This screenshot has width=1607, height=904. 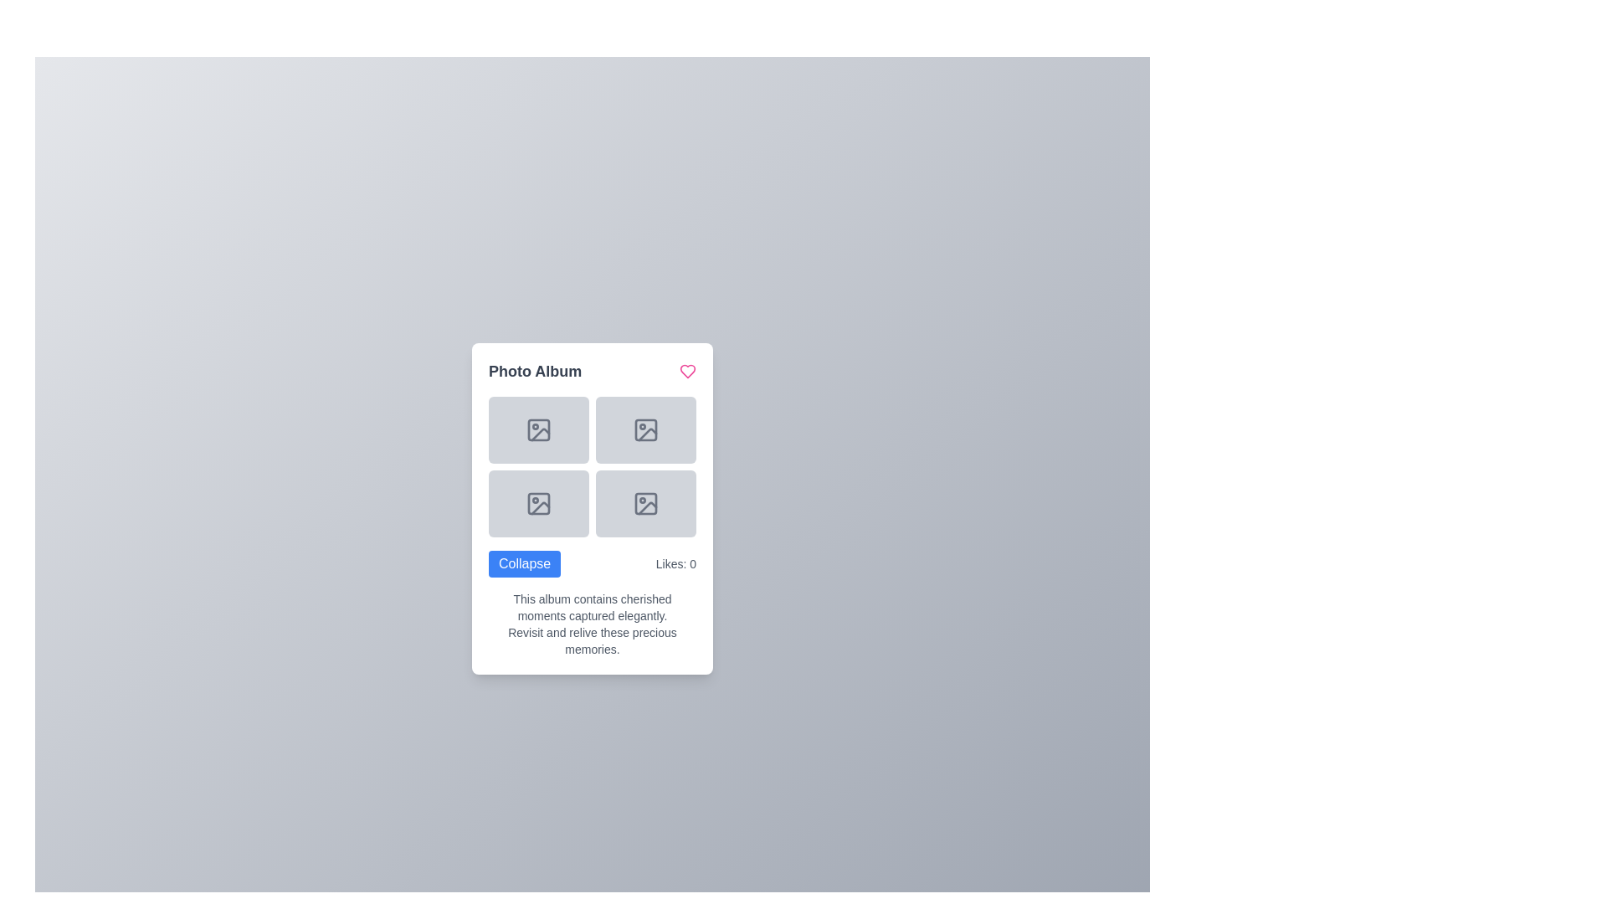 What do you see at coordinates (645, 502) in the screenshot?
I see `the gray image placeholder icon with a circular detail at the top-left corner, located in the bottom-right quarter of the photo album display` at bounding box center [645, 502].